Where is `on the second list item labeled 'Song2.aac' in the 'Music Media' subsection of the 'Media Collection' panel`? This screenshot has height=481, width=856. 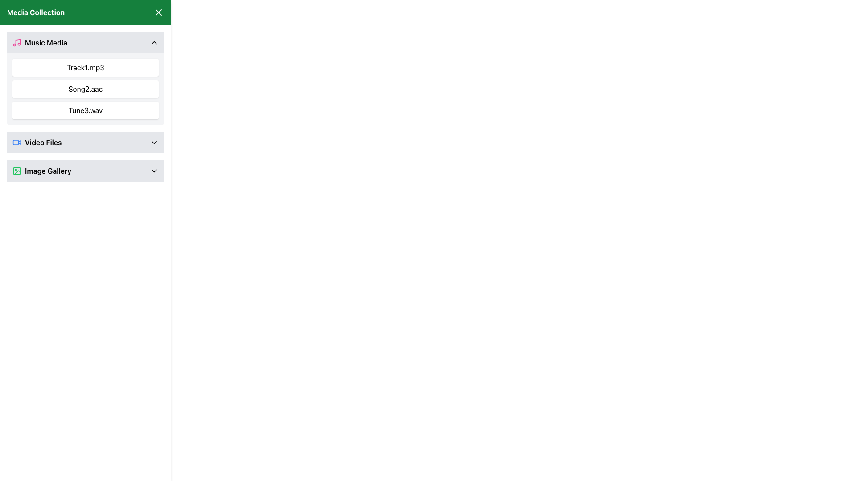
on the second list item labeled 'Song2.aac' in the 'Music Media' subsection of the 'Media Collection' panel is located at coordinates (86, 89).